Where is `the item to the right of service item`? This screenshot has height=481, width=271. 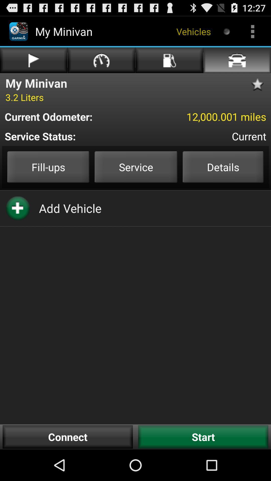
the item to the right of service item is located at coordinates (223, 167).